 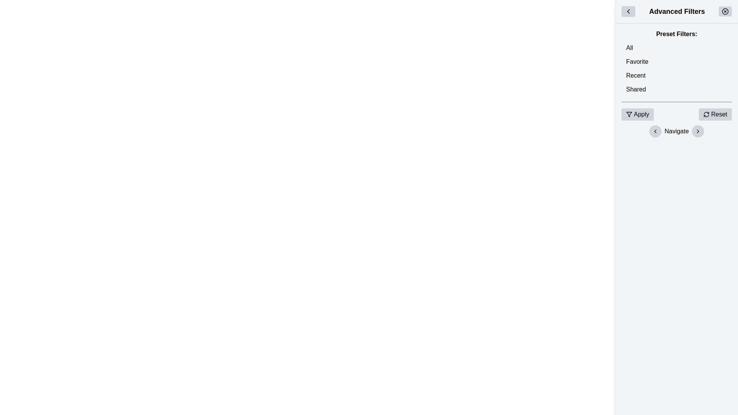 I want to click on the right chevron button of the Navigation control that contains the text 'Navigate' and is flanked by two circular buttons, so click(x=676, y=131).